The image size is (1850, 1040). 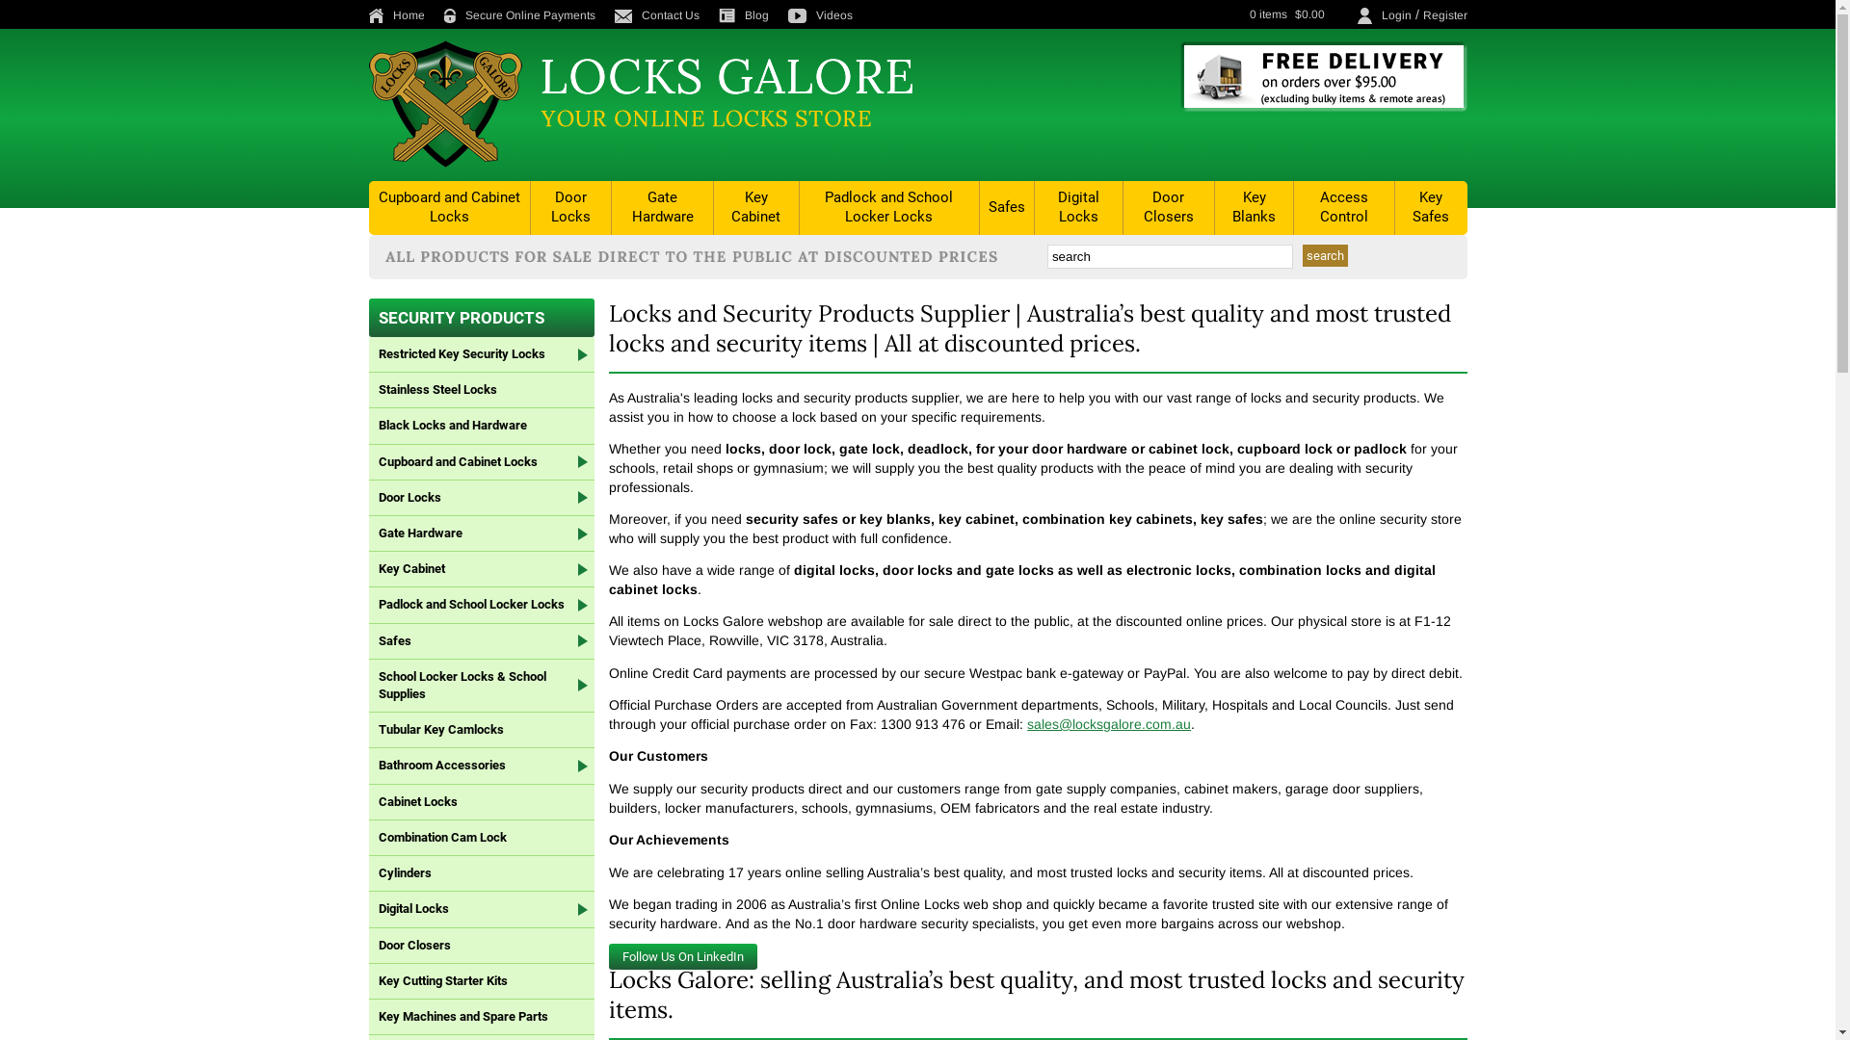 I want to click on 'Bathroom Accessories', so click(x=481, y=765).